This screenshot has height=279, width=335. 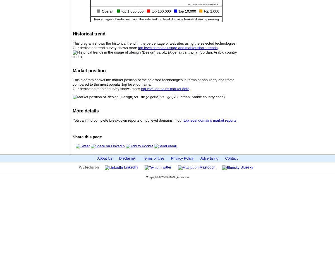 I want to click on 'top level domains market reports', so click(x=210, y=120).